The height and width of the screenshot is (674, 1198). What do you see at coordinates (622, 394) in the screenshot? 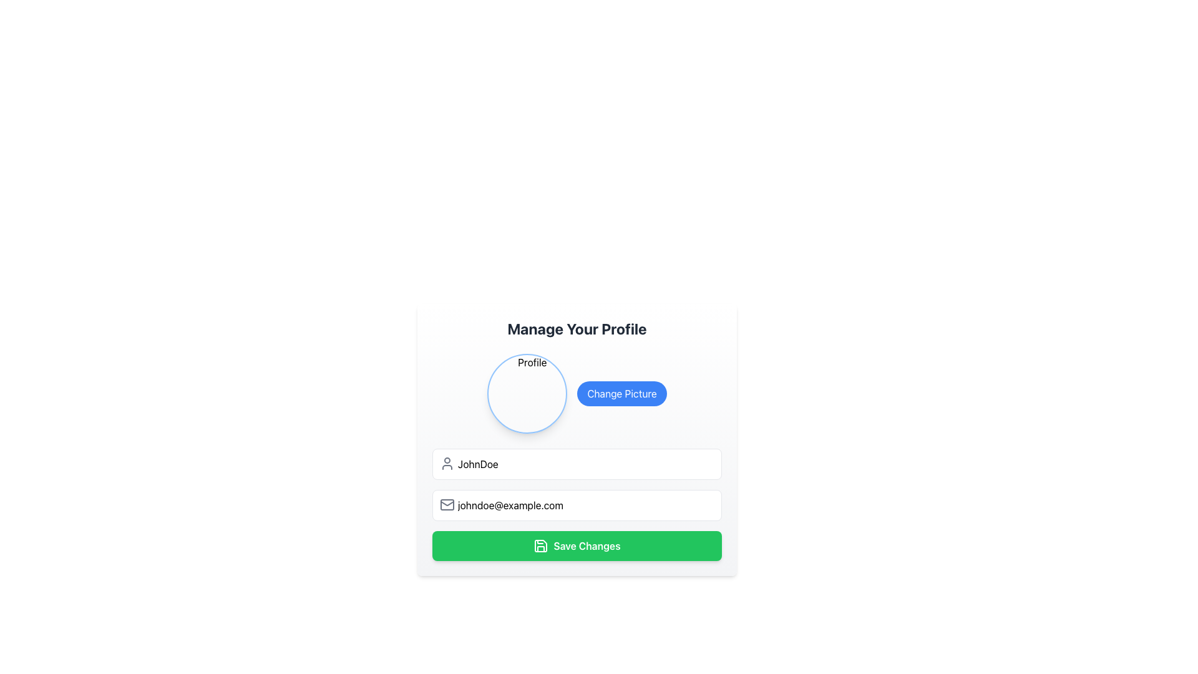
I see `the button located on the right side of the circular profile picture representation` at bounding box center [622, 394].